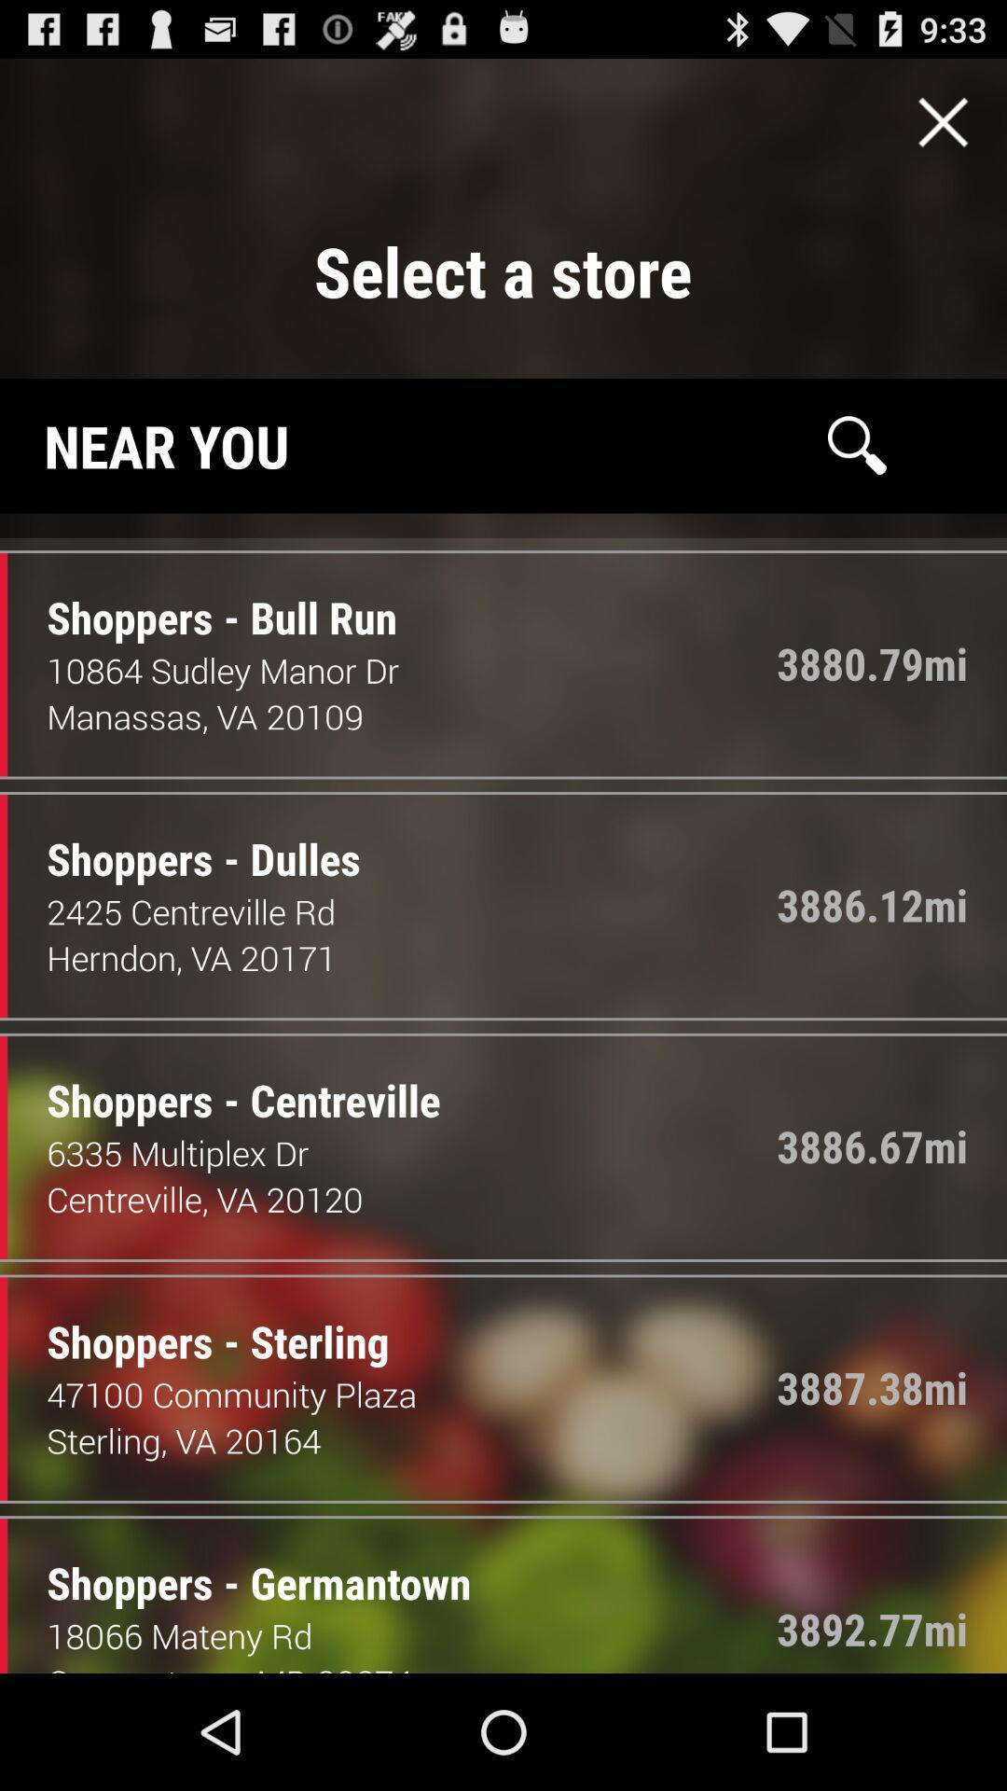 This screenshot has height=1791, width=1007. I want to click on the search icon, so click(857, 477).